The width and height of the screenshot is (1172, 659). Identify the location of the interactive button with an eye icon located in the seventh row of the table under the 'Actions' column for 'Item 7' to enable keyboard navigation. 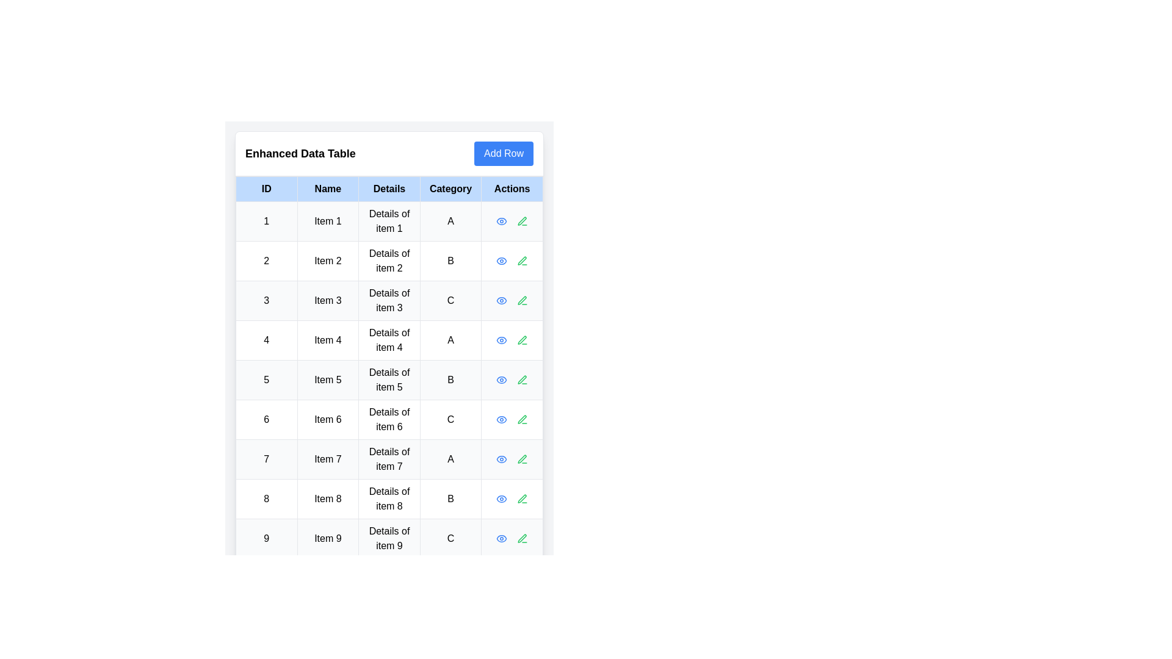
(502, 459).